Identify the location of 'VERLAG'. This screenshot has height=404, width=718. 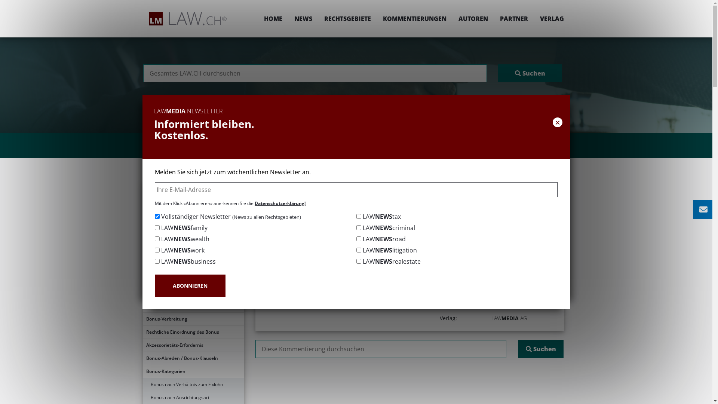
(549, 18).